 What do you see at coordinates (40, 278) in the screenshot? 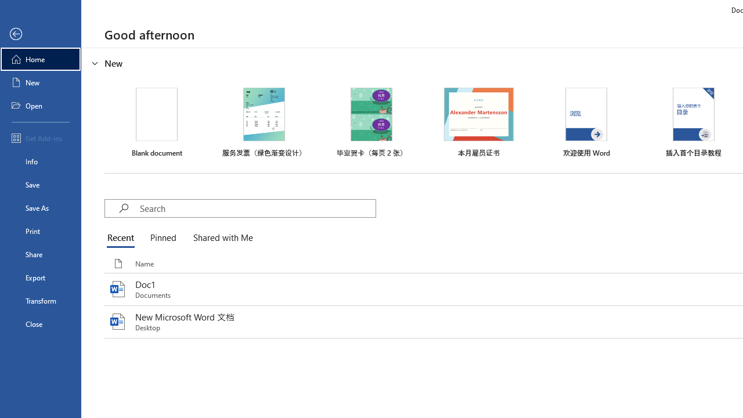
I see `'Export'` at bounding box center [40, 278].